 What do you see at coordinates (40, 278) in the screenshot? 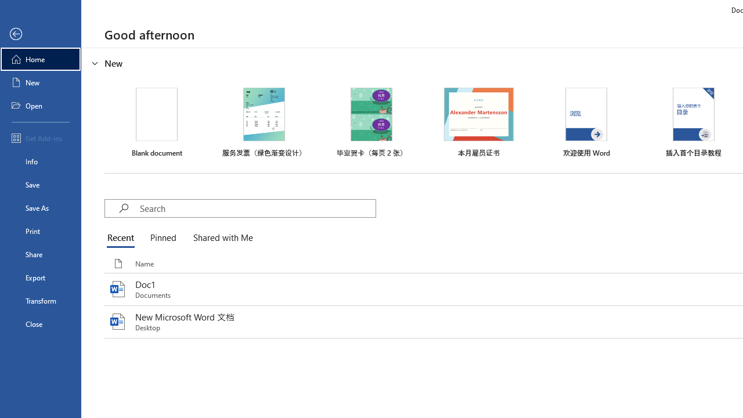
I see `'Export'` at bounding box center [40, 278].